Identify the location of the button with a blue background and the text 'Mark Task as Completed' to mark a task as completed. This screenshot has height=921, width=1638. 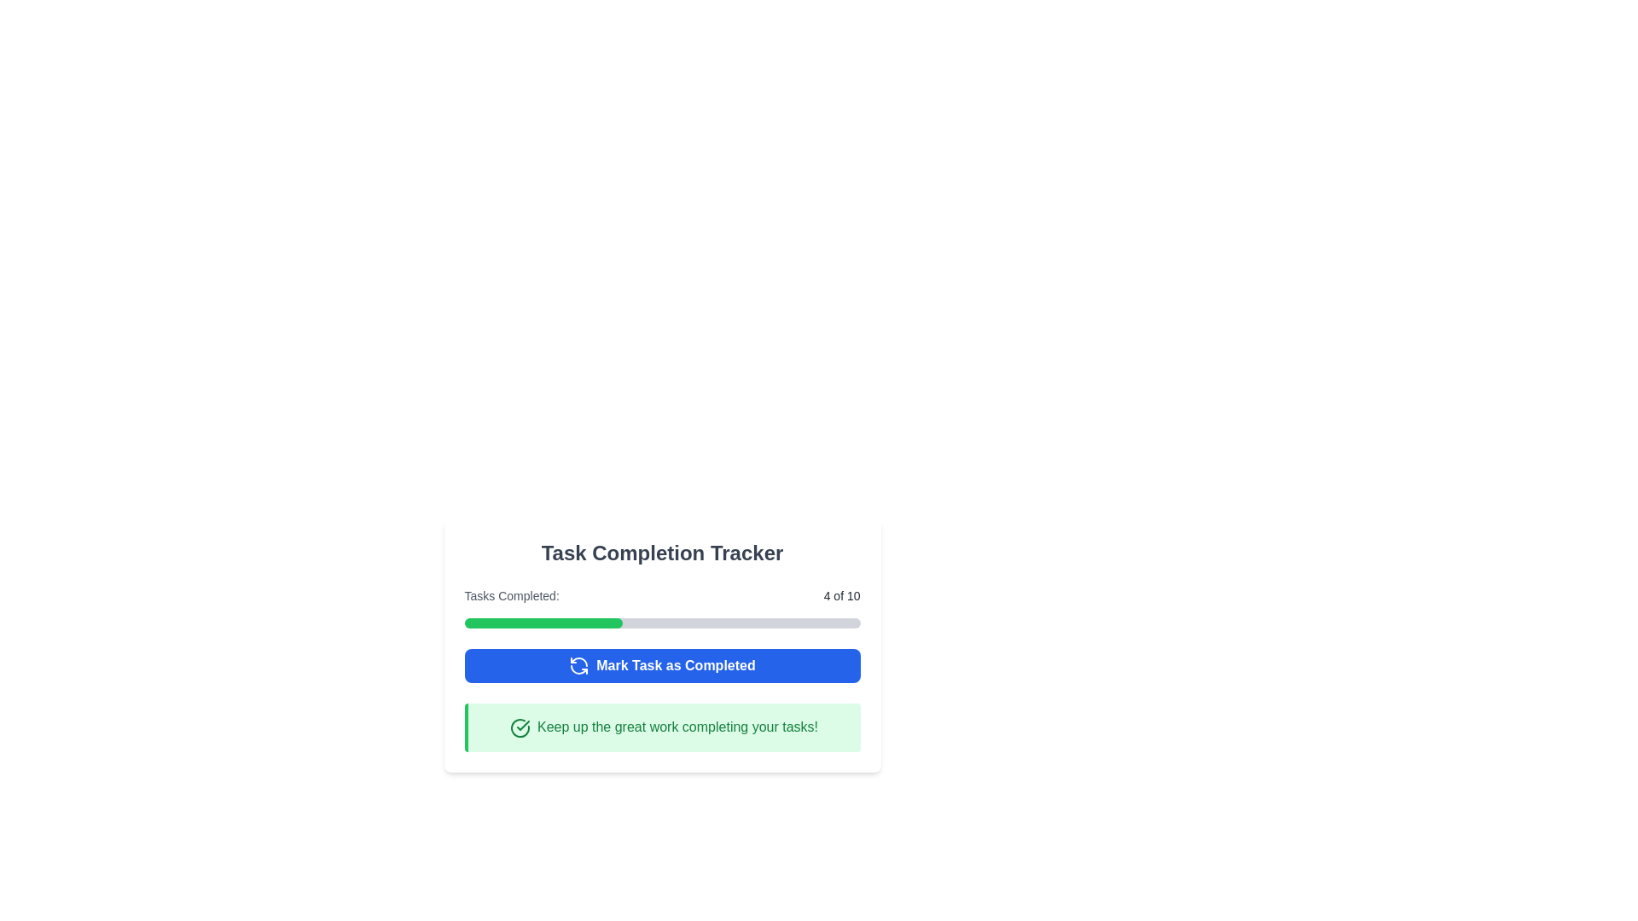
(661, 664).